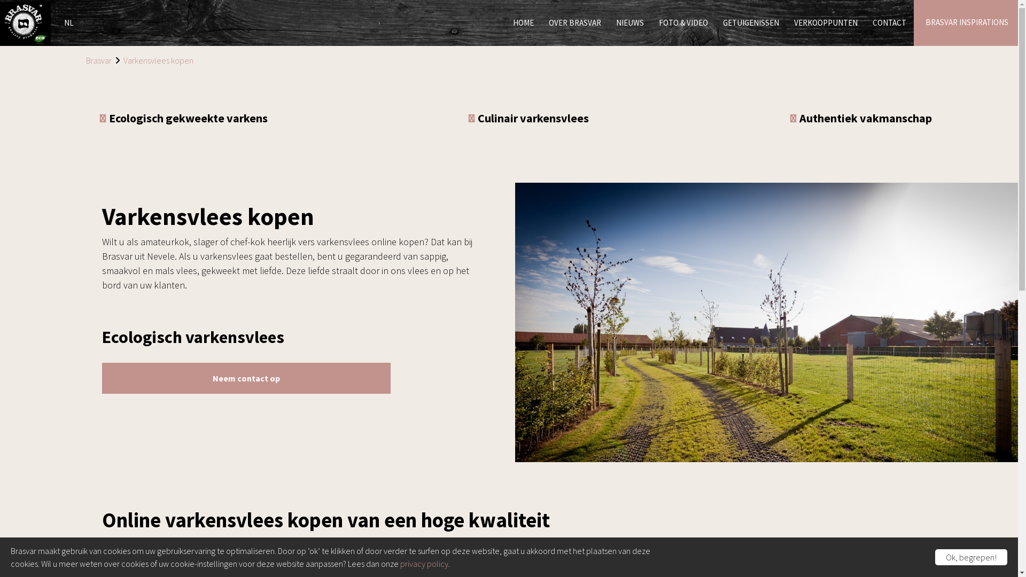 This screenshot has width=1026, height=577. What do you see at coordinates (852, 542) in the screenshot?
I see `'onze verkooppunten'` at bounding box center [852, 542].